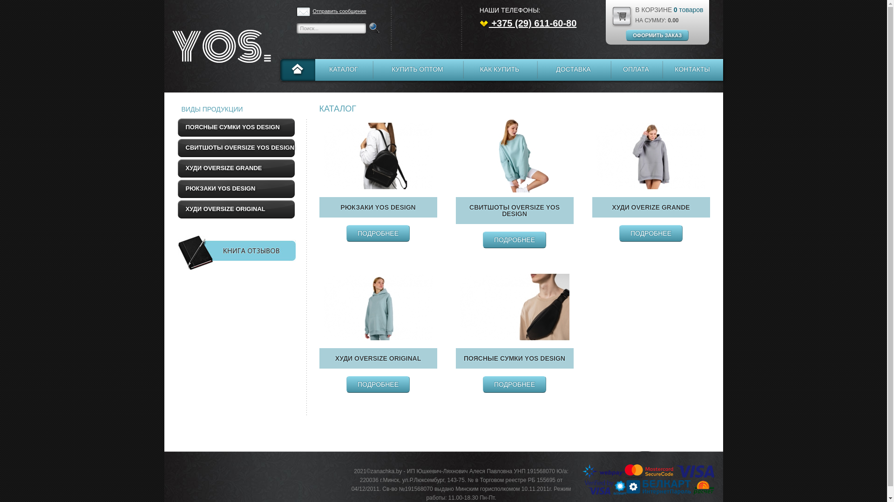  I want to click on '+375 (29) 611-60-80', so click(480, 23).